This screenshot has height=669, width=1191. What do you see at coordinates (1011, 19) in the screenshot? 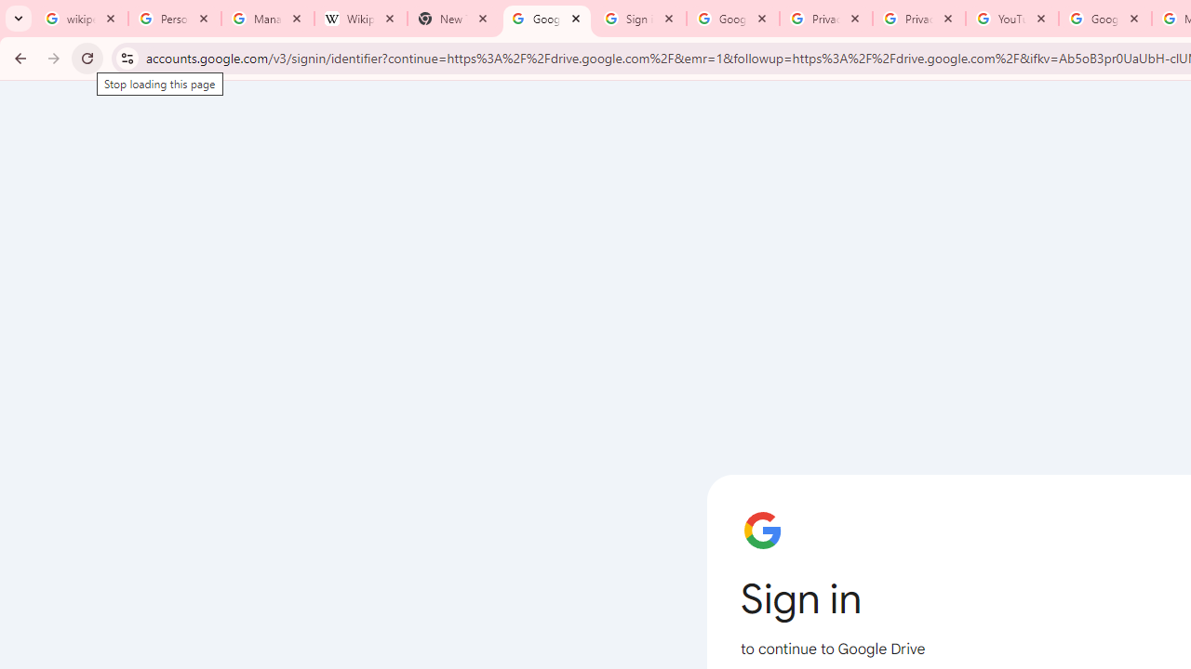
I see `'YouTube'` at bounding box center [1011, 19].